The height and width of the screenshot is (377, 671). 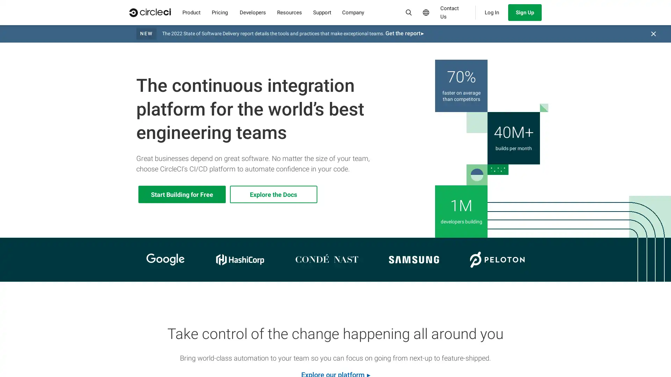 What do you see at coordinates (426, 12) in the screenshot?
I see `Select Language` at bounding box center [426, 12].